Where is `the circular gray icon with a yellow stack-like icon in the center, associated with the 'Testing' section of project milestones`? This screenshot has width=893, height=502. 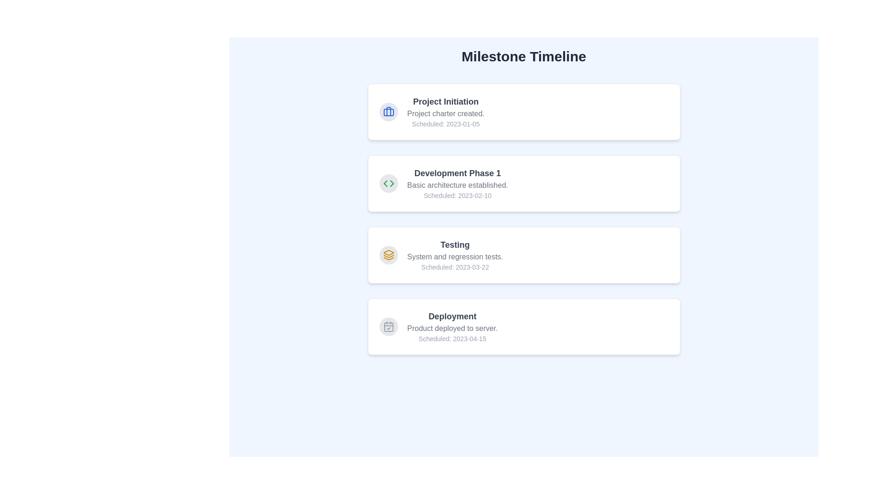 the circular gray icon with a yellow stack-like icon in the center, associated with the 'Testing' section of project milestones is located at coordinates (388, 255).